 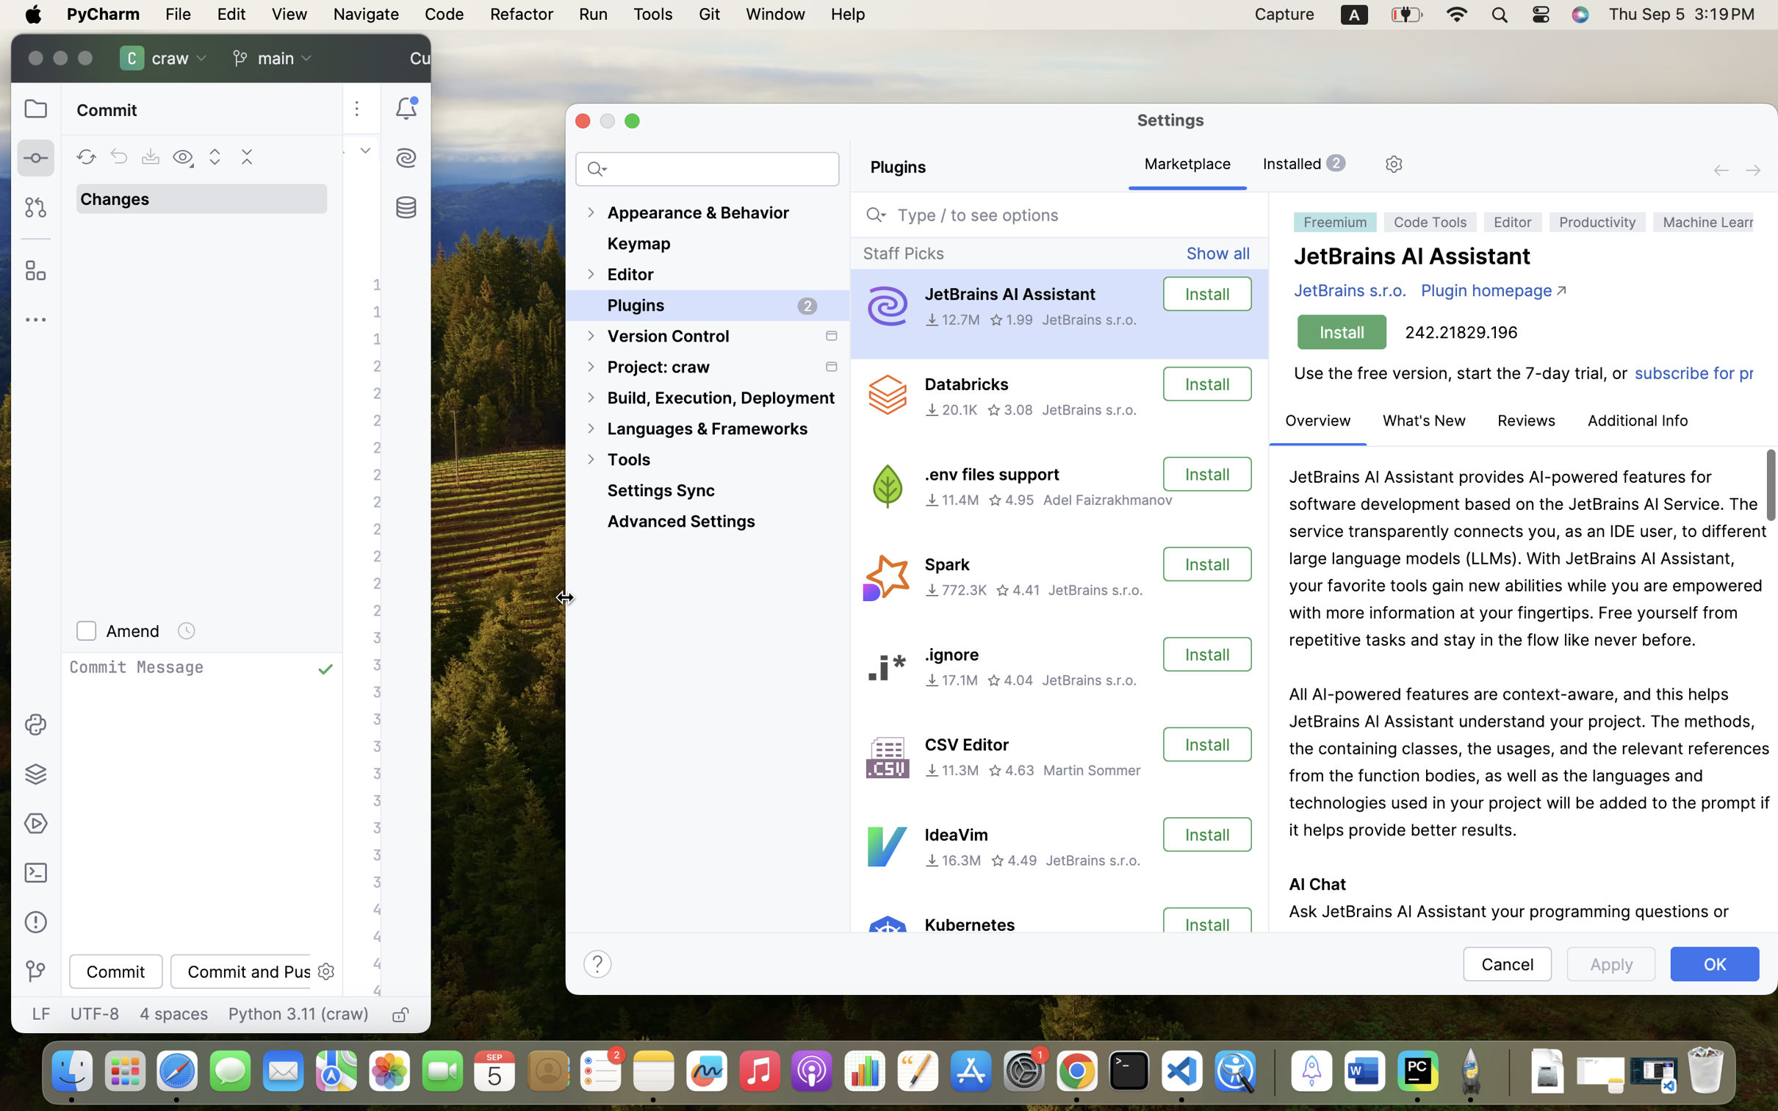 I want to click on '4.49', so click(x=1013, y=859).